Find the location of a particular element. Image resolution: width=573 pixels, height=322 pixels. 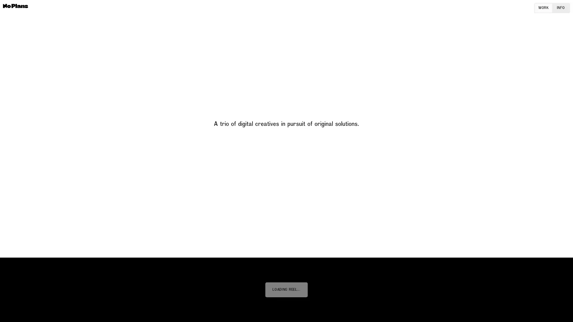

PLAY REEL is located at coordinates (286, 290).